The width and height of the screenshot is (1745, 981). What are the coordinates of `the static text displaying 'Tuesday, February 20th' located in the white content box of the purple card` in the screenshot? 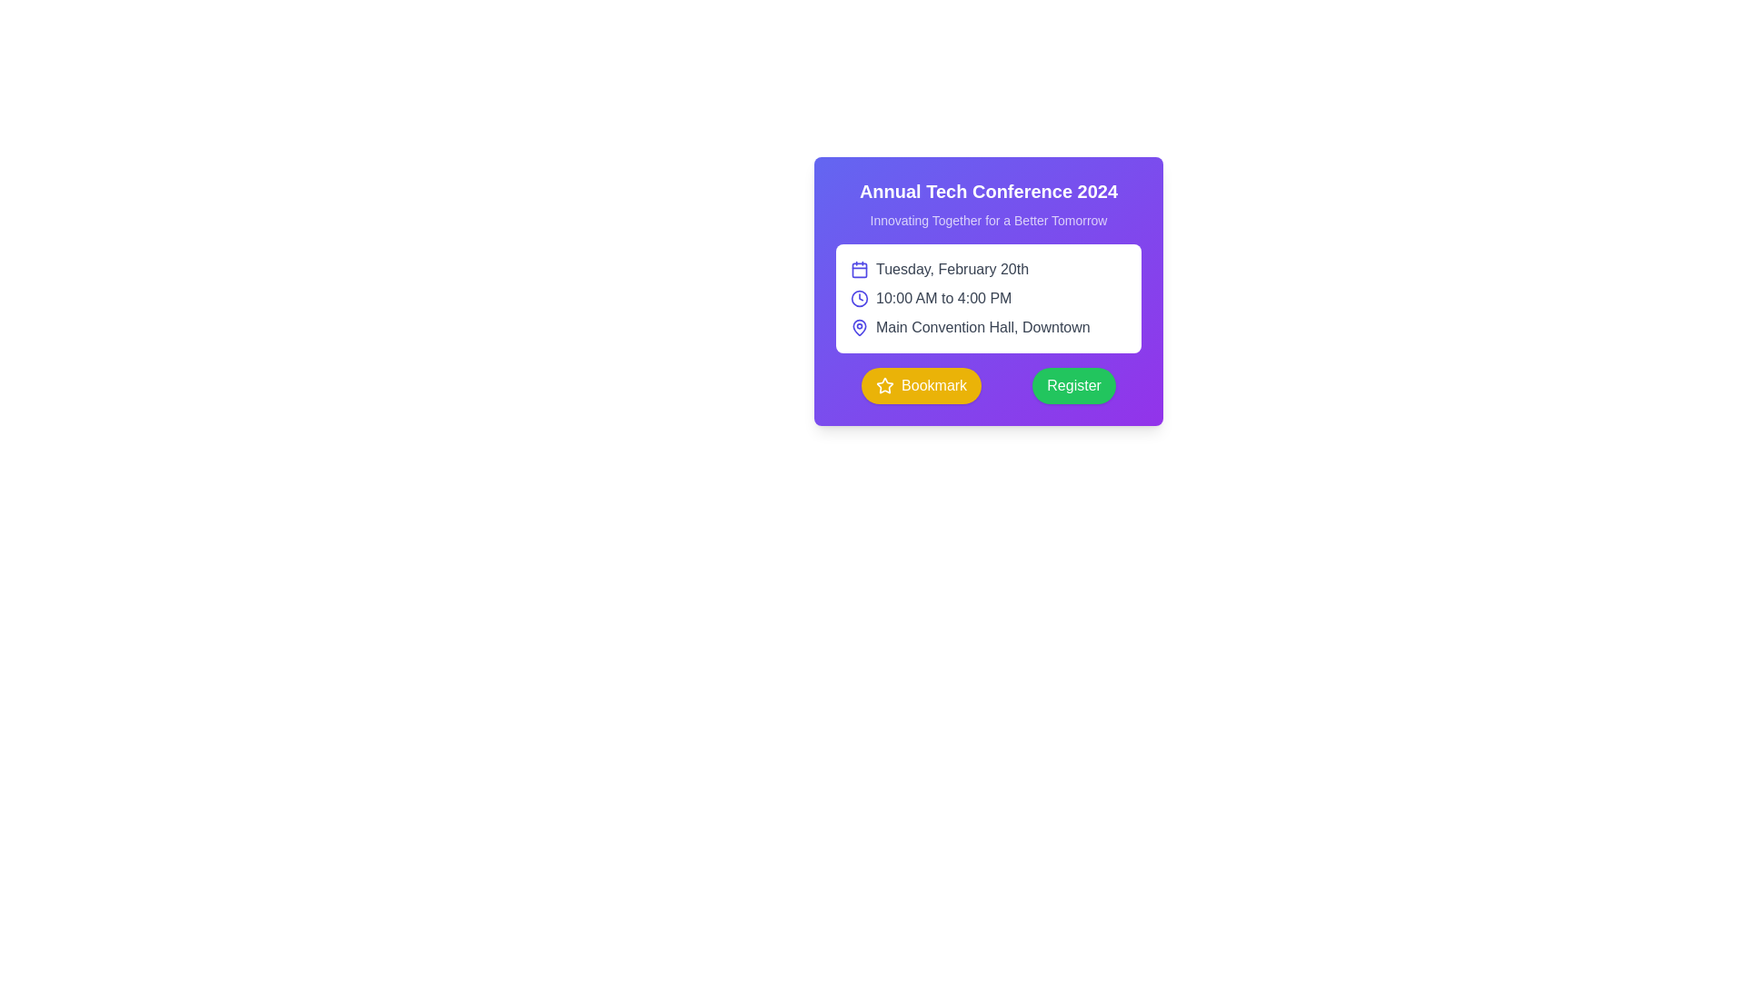 It's located at (952, 270).